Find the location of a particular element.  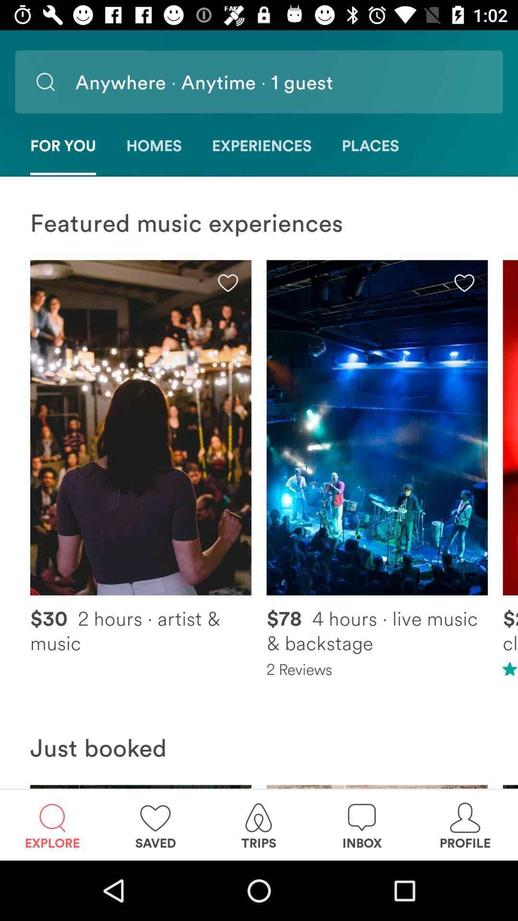

the search icon is located at coordinates (45, 82).